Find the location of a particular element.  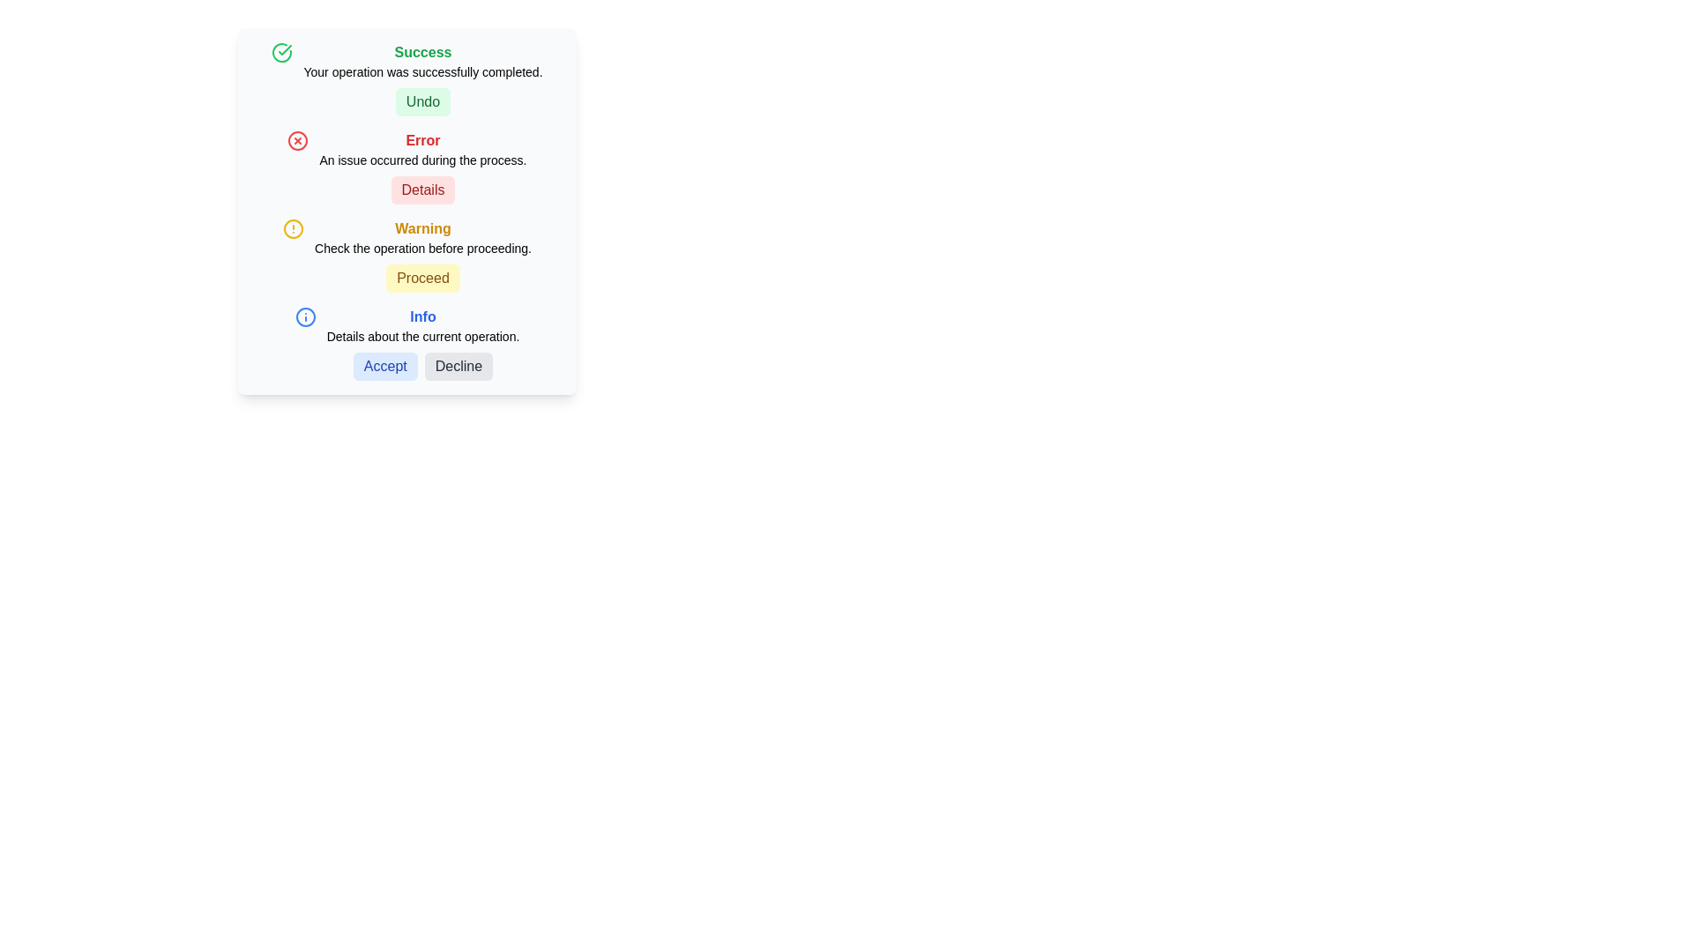

the buttons in the informational section located below the 'Warning' section is located at coordinates (423, 343).